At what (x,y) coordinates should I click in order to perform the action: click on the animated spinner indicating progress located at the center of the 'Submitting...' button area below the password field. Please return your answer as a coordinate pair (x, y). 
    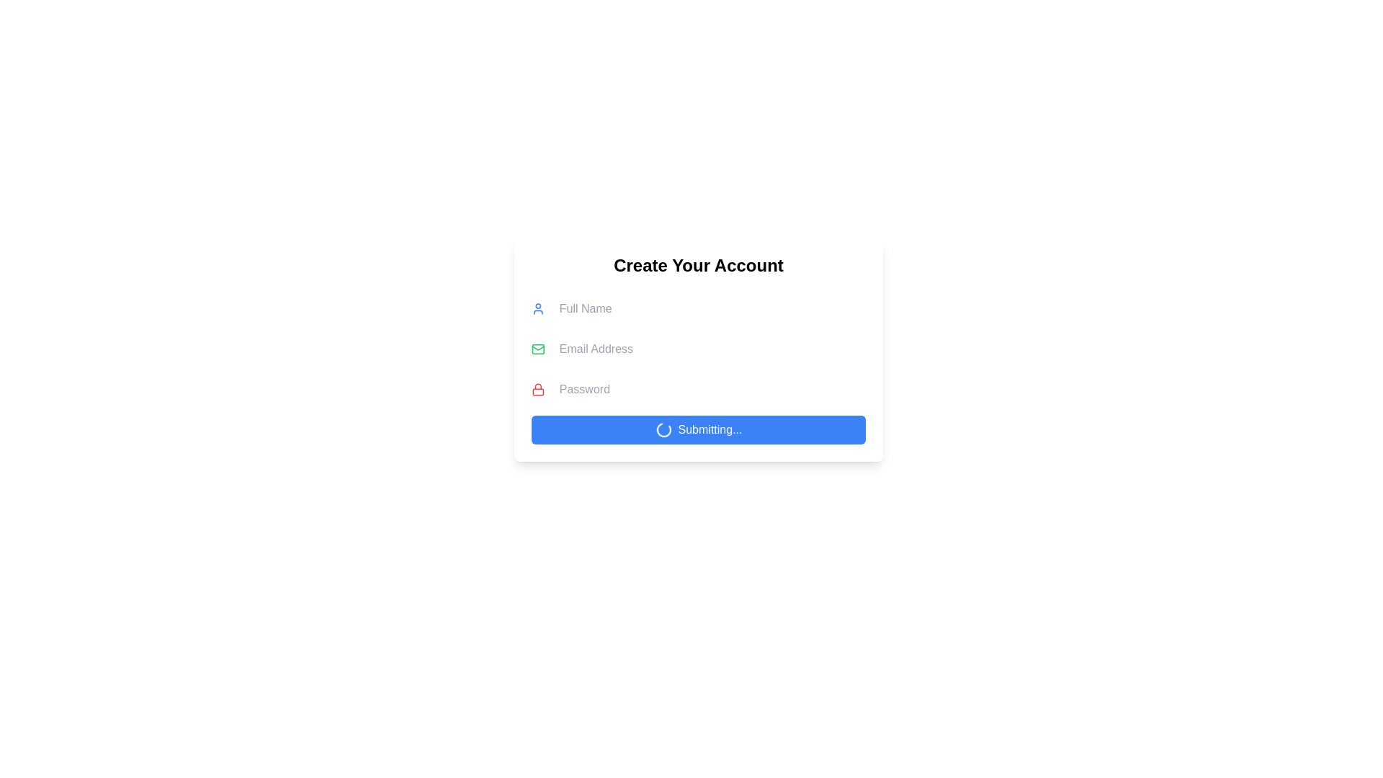
    Looking at the image, I should click on (663, 429).